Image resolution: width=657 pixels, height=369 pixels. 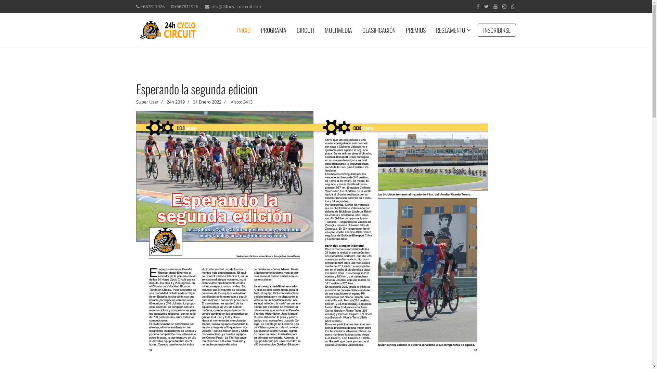 What do you see at coordinates (273, 30) in the screenshot?
I see `'PROGRAMA'` at bounding box center [273, 30].